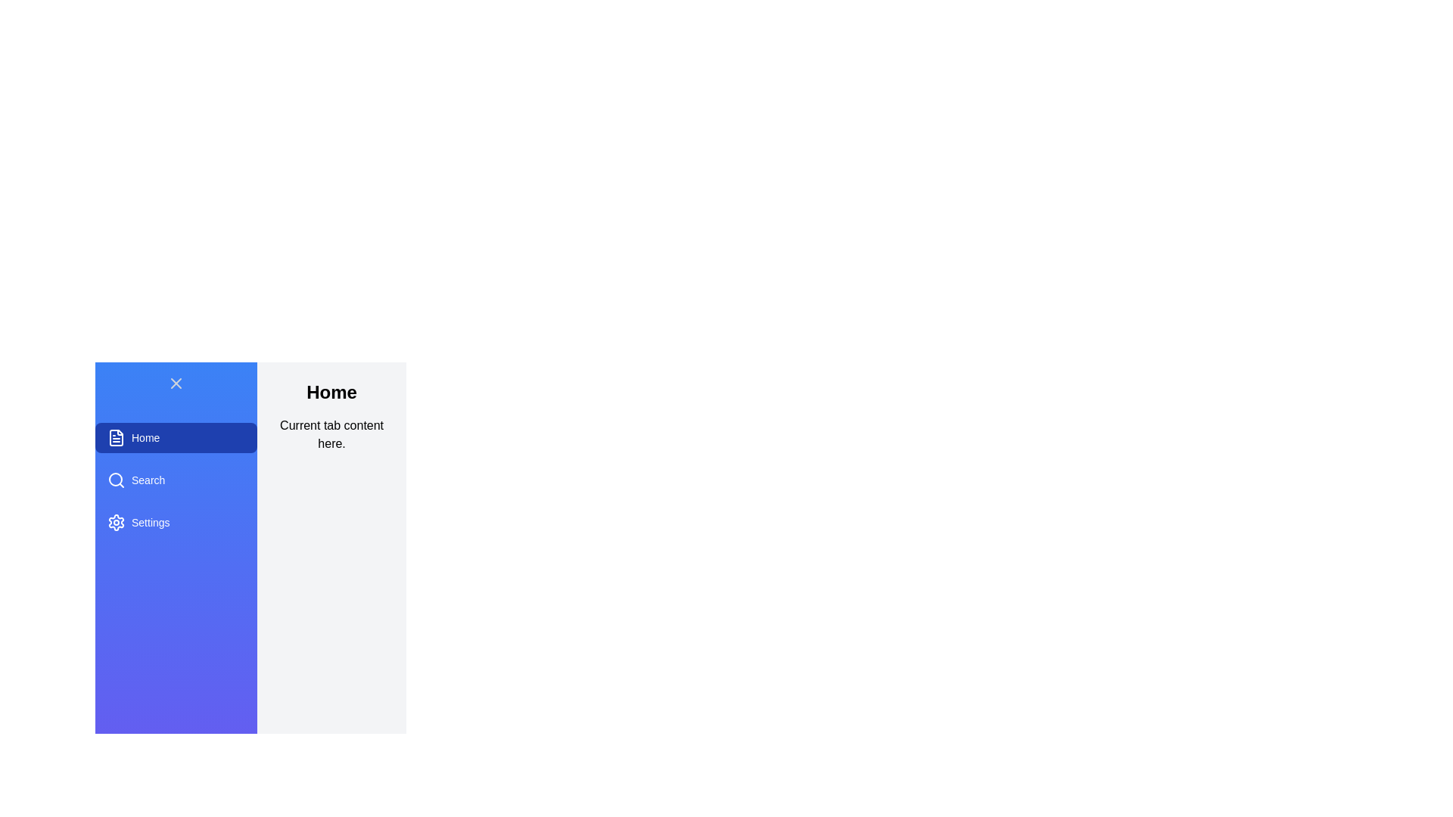 Image resolution: width=1453 pixels, height=817 pixels. What do you see at coordinates (176, 521) in the screenshot?
I see `the tab labeled Settings to observe the hover effect` at bounding box center [176, 521].